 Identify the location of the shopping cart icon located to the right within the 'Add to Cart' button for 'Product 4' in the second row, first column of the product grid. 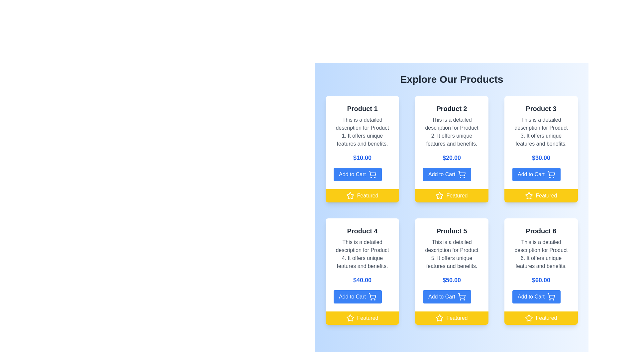
(372, 297).